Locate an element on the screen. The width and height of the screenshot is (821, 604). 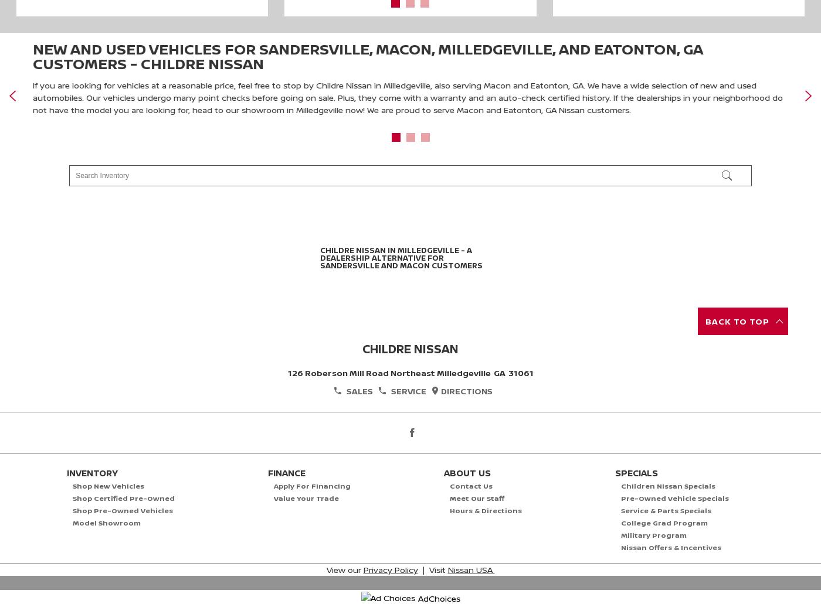
'AdChoices' is located at coordinates (439, 596).